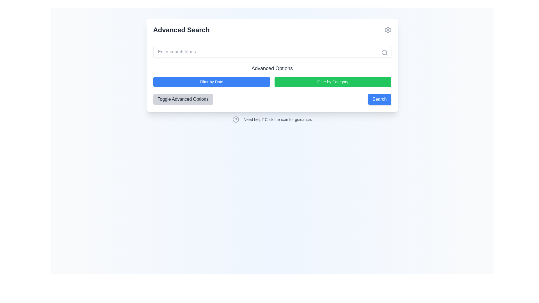 This screenshot has height=303, width=539. I want to click on the blue 'Search' button with white text to trigger its hover effect, so click(380, 99).